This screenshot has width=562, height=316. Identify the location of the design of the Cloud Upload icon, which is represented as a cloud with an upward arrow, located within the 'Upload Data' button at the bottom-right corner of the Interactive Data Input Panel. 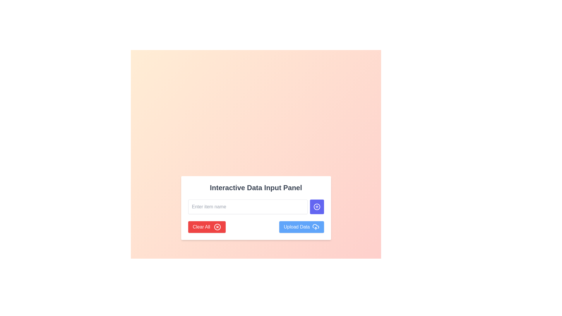
(315, 226).